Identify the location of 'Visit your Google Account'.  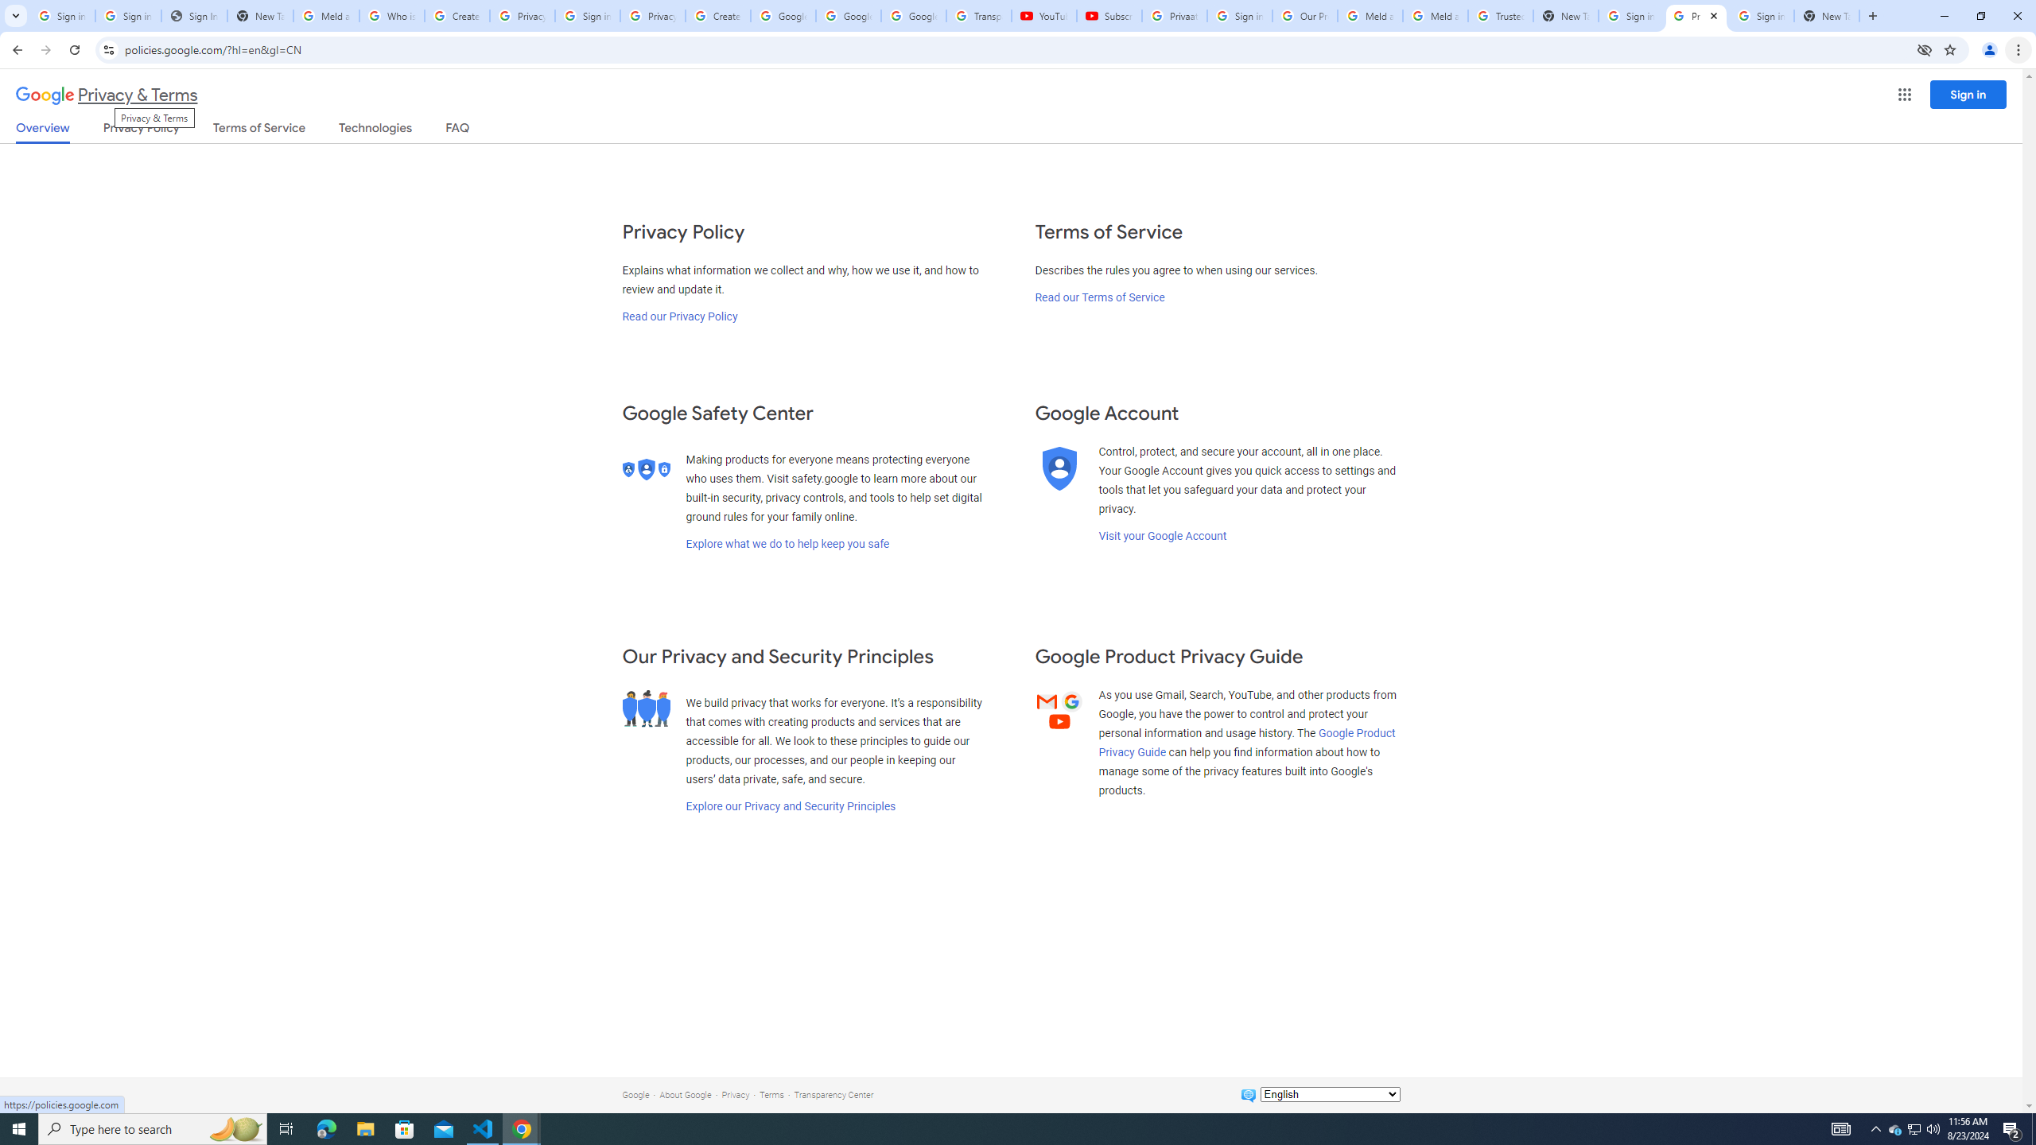
(1161, 535).